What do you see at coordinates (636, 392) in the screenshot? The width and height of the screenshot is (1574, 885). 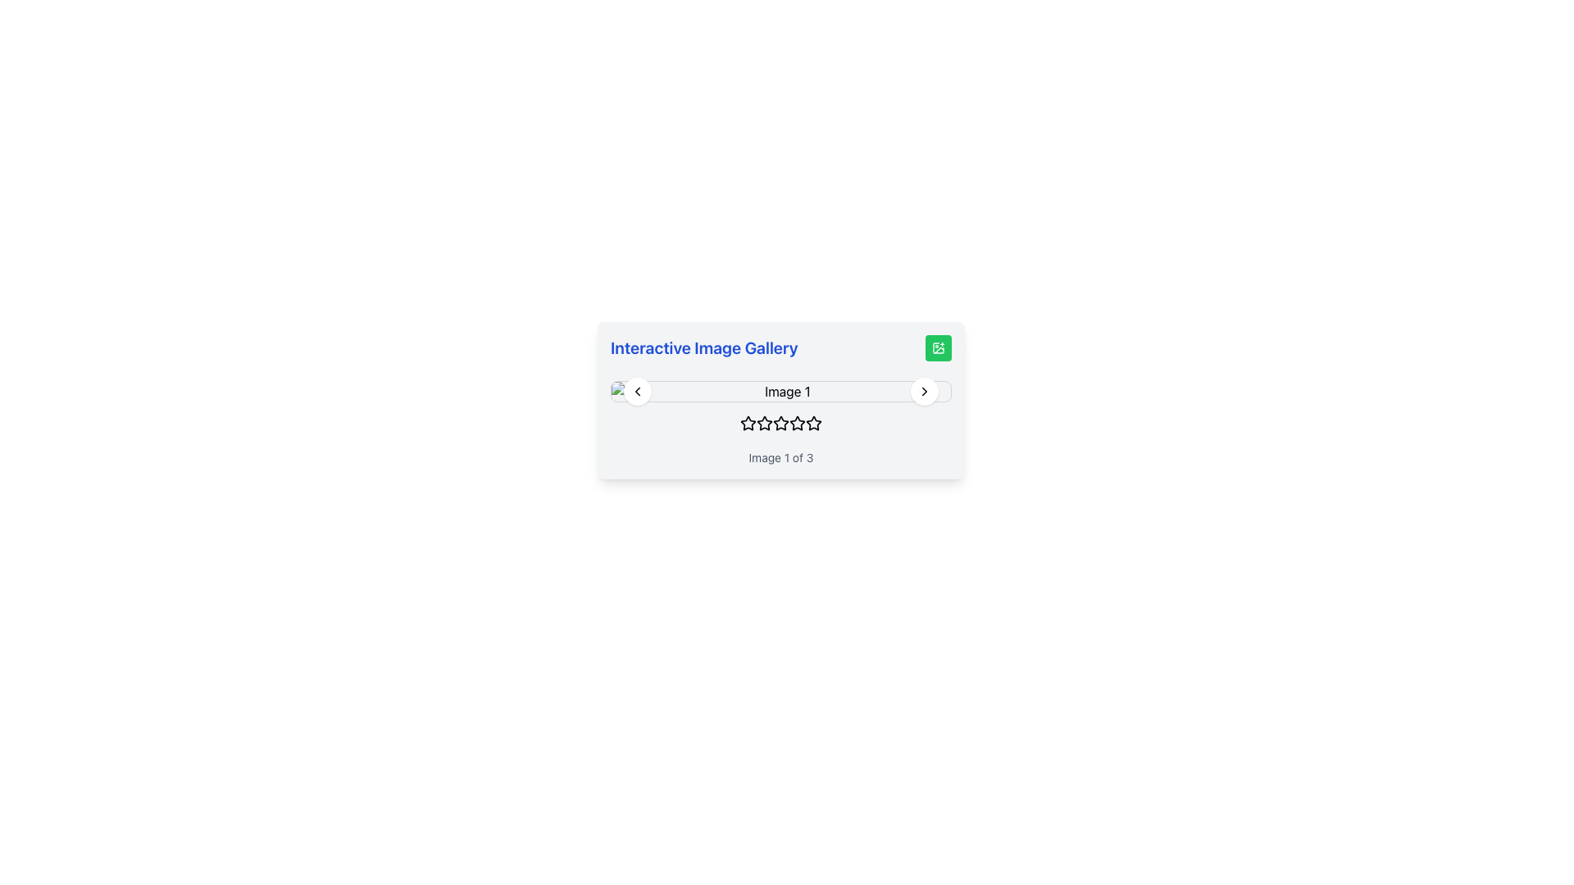 I see `the circular button with a white background and a leftward-pointing chevron icon, located on the left side of the interface adjacent to the title 'Image 1'` at bounding box center [636, 392].